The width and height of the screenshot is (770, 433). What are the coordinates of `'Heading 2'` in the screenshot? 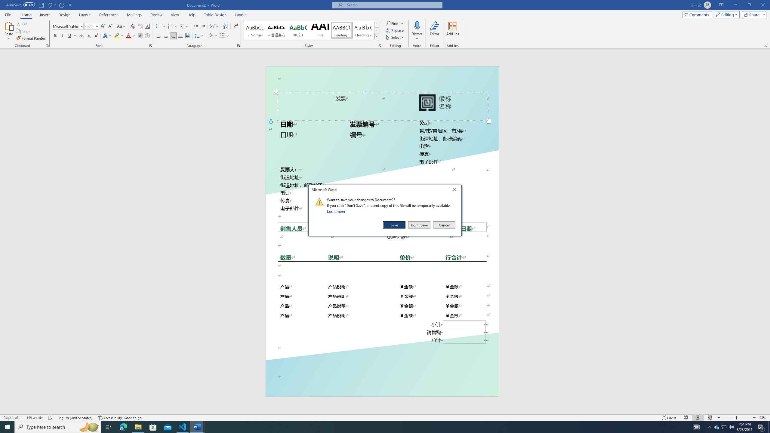 It's located at (363, 30).